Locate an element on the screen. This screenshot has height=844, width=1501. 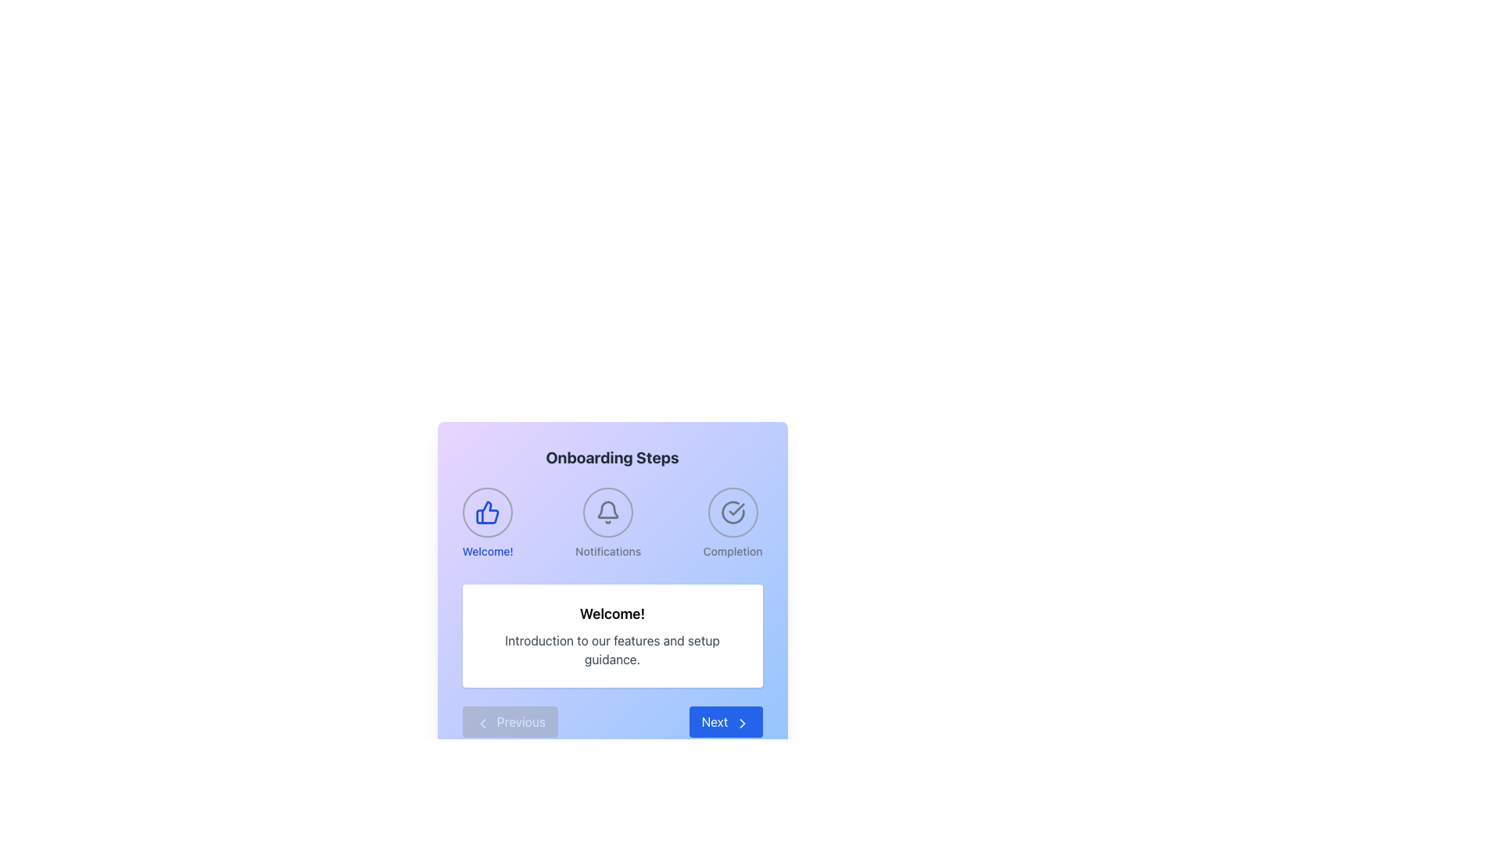
the circular graphic icon with a checkmark located at the top of the 'Completion' step in the onboarding interface, positioned to the right of the 'Notifications' icon is located at coordinates (732, 512).